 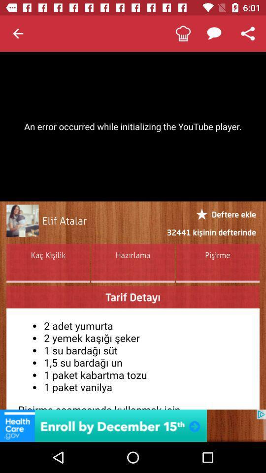 What do you see at coordinates (22, 221) in the screenshot?
I see `editor profile` at bounding box center [22, 221].